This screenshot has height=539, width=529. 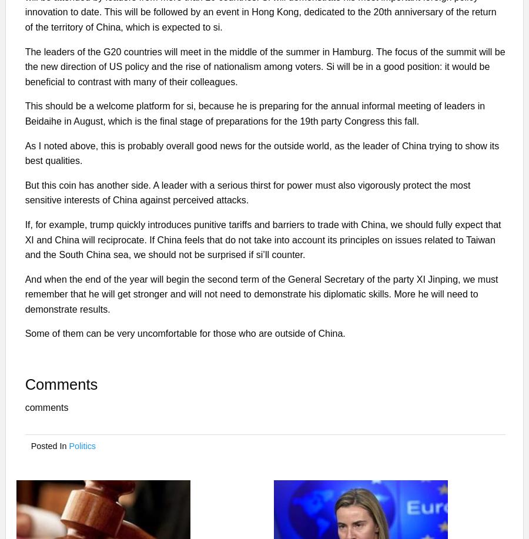 What do you see at coordinates (24, 384) in the screenshot?
I see `'Comments'` at bounding box center [24, 384].